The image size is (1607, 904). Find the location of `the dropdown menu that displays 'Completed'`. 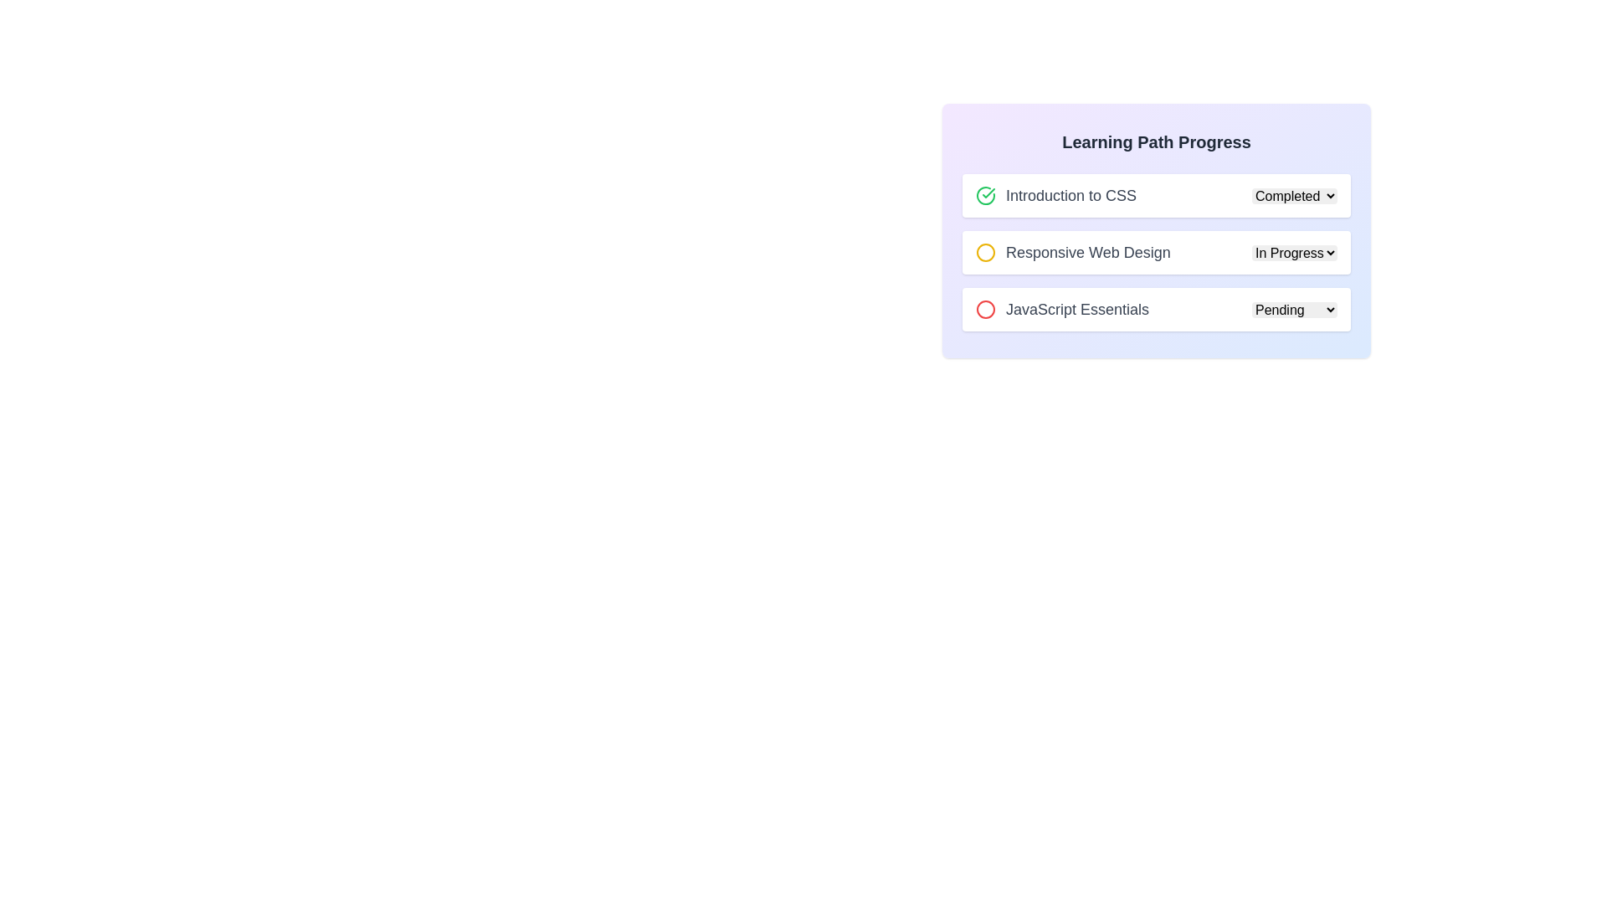

the dropdown menu that displays 'Completed' is located at coordinates (1293, 195).